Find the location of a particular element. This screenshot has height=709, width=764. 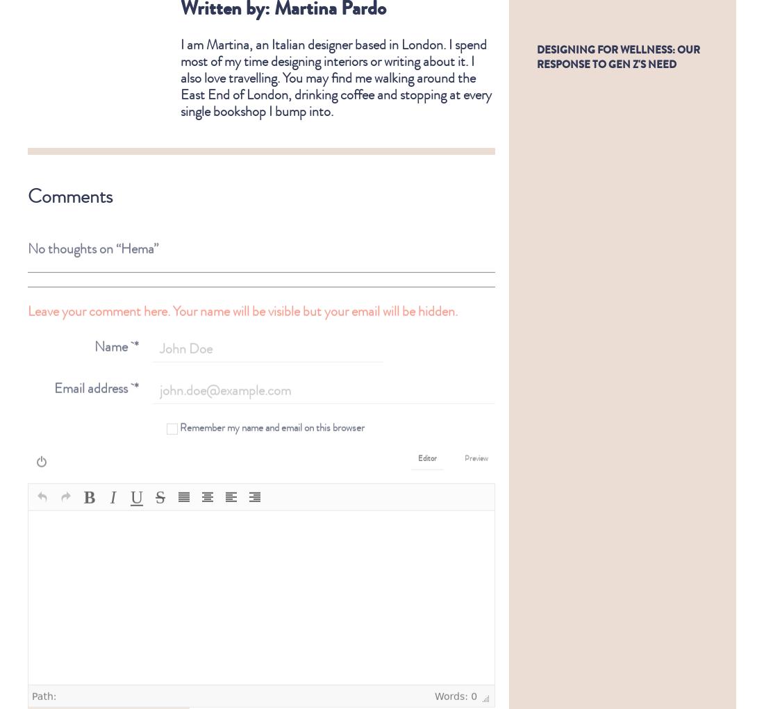

'Email address' is located at coordinates (53, 376).